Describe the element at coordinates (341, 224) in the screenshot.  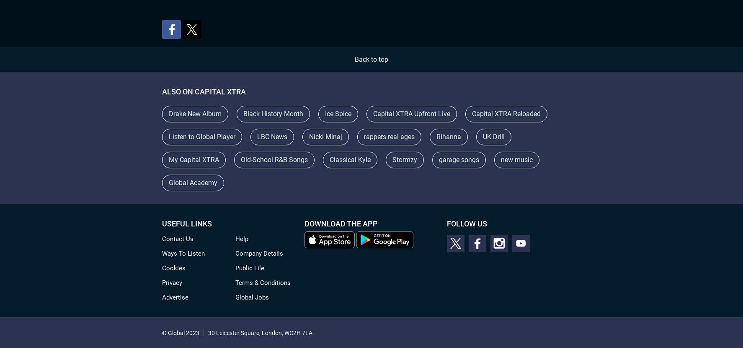
I see `'Download the app'` at that location.